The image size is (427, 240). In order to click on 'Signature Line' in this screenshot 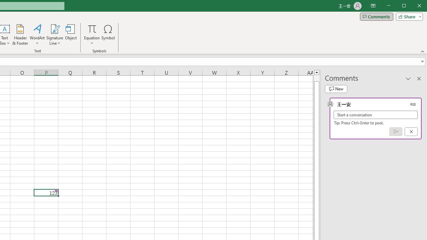, I will do `click(55, 28)`.